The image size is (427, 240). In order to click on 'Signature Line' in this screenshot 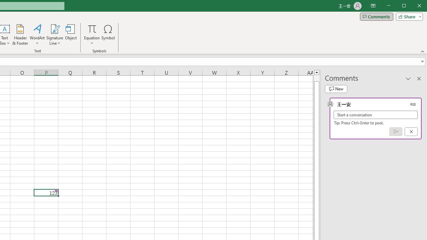, I will do `click(55, 28)`.